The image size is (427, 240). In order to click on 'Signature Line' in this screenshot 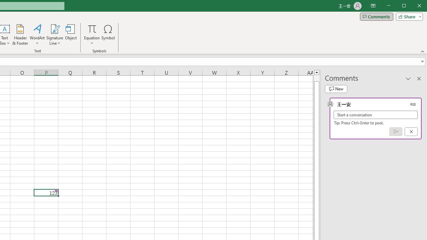, I will do `click(55, 28)`.